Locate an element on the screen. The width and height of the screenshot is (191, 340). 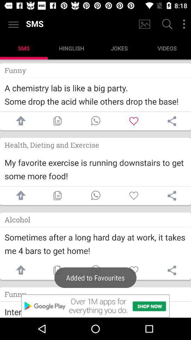
share on facebook is located at coordinates (19, 195).